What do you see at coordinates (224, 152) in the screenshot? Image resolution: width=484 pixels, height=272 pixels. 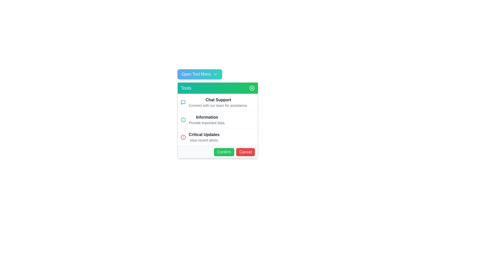 I see `the leftmost confirm button located in the footer of the modal window to confirm the action` at bounding box center [224, 152].